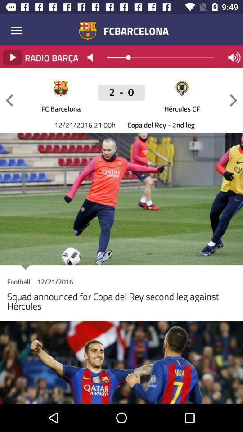  Describe the element at coordinates (9, 100) in the screenshot. I see `go back` at that location.